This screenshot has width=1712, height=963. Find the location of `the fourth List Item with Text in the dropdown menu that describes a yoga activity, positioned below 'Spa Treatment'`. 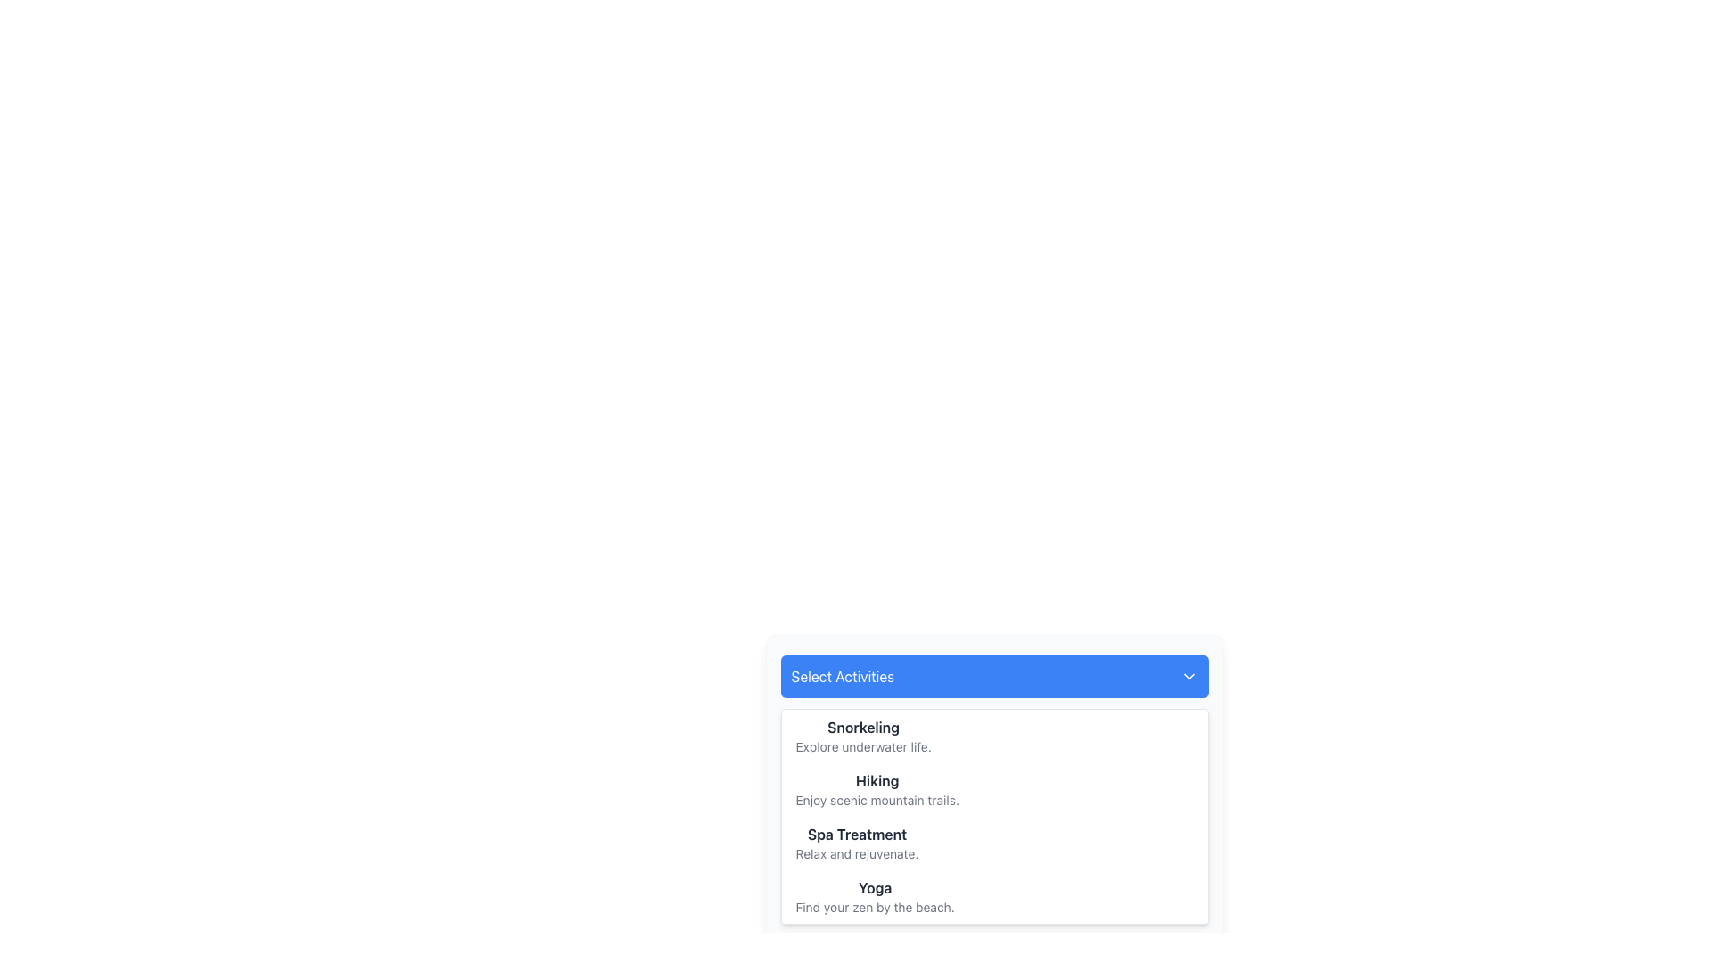

the fourth List Item with Text in the dropdown menu that describes a yoga activity, positioned below 'Spa Treatment' is located at coordinates (875, 897).